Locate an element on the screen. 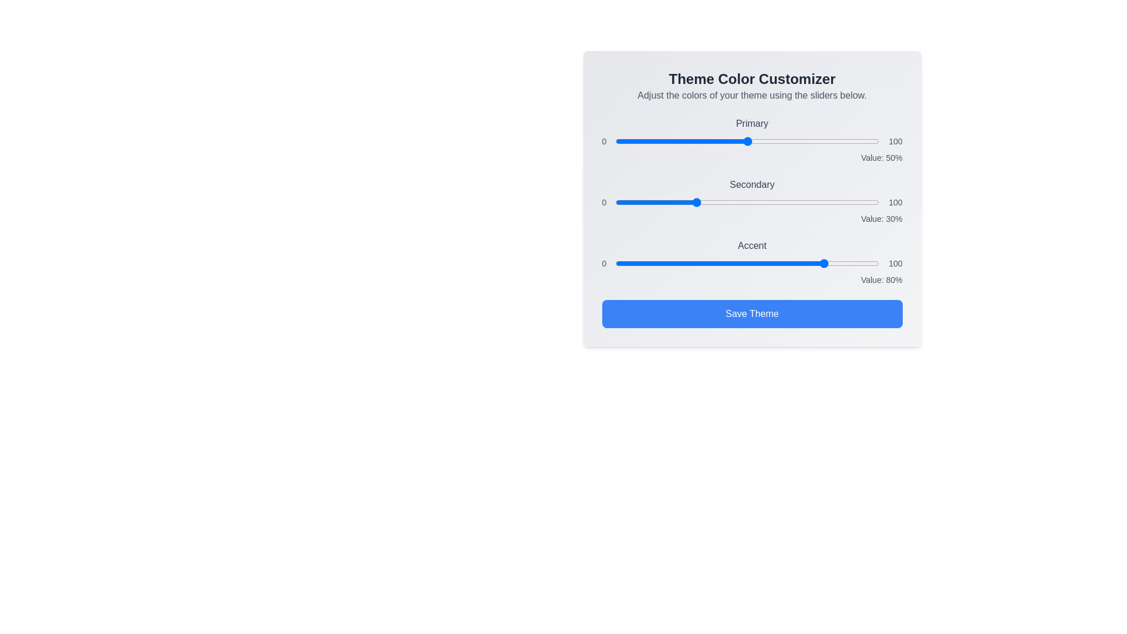 This screenshot has height=634, width=1127. the 'Secondary' color slider to 36% is located at coordinates (710, 201).